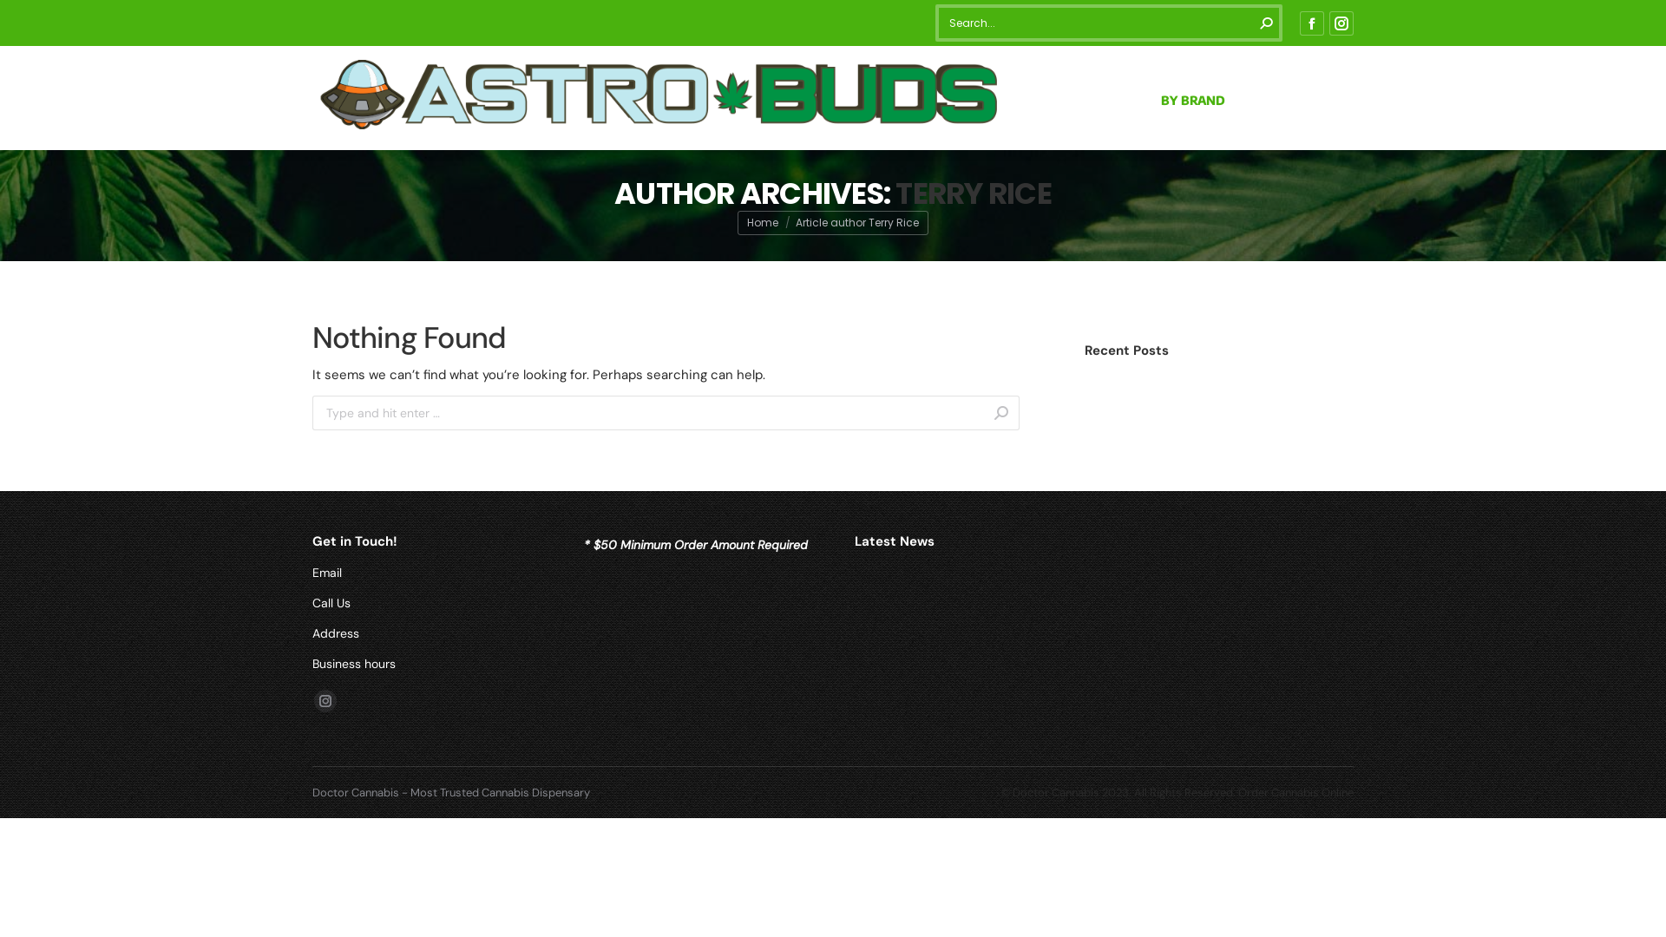  Describe the element at coordinates (1107, 23) in the screenshot. I see `'Search form'` at that location.